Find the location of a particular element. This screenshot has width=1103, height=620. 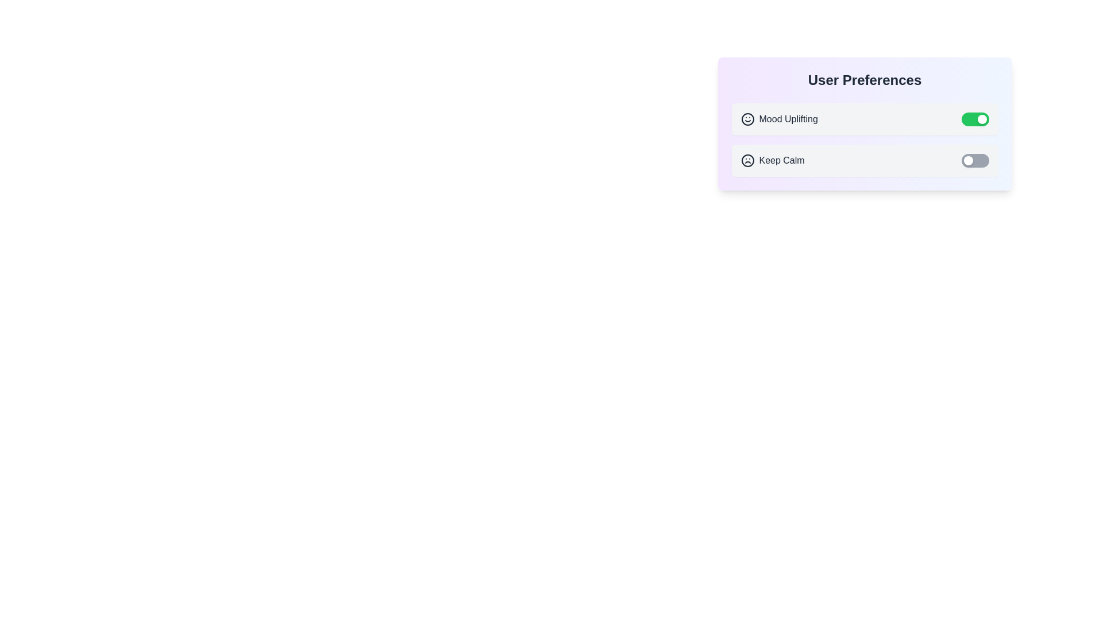

the 'Keep Calm' label, which is part of the user preferences section and is located next to a toggle switch and an icon is located at coordinates (781, 161).